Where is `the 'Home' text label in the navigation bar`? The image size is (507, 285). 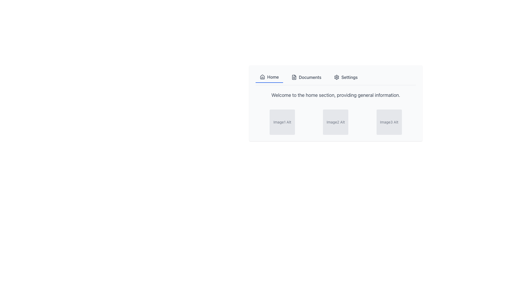 the 'Home' text label in the navigation bar is located at coordinates (273, 77).